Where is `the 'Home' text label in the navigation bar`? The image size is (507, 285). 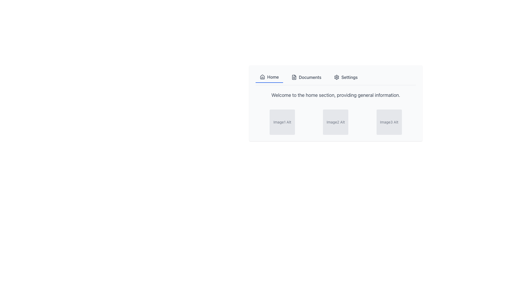 the 'Home' text label in the navigation bar is located at coordinates (273, 77).